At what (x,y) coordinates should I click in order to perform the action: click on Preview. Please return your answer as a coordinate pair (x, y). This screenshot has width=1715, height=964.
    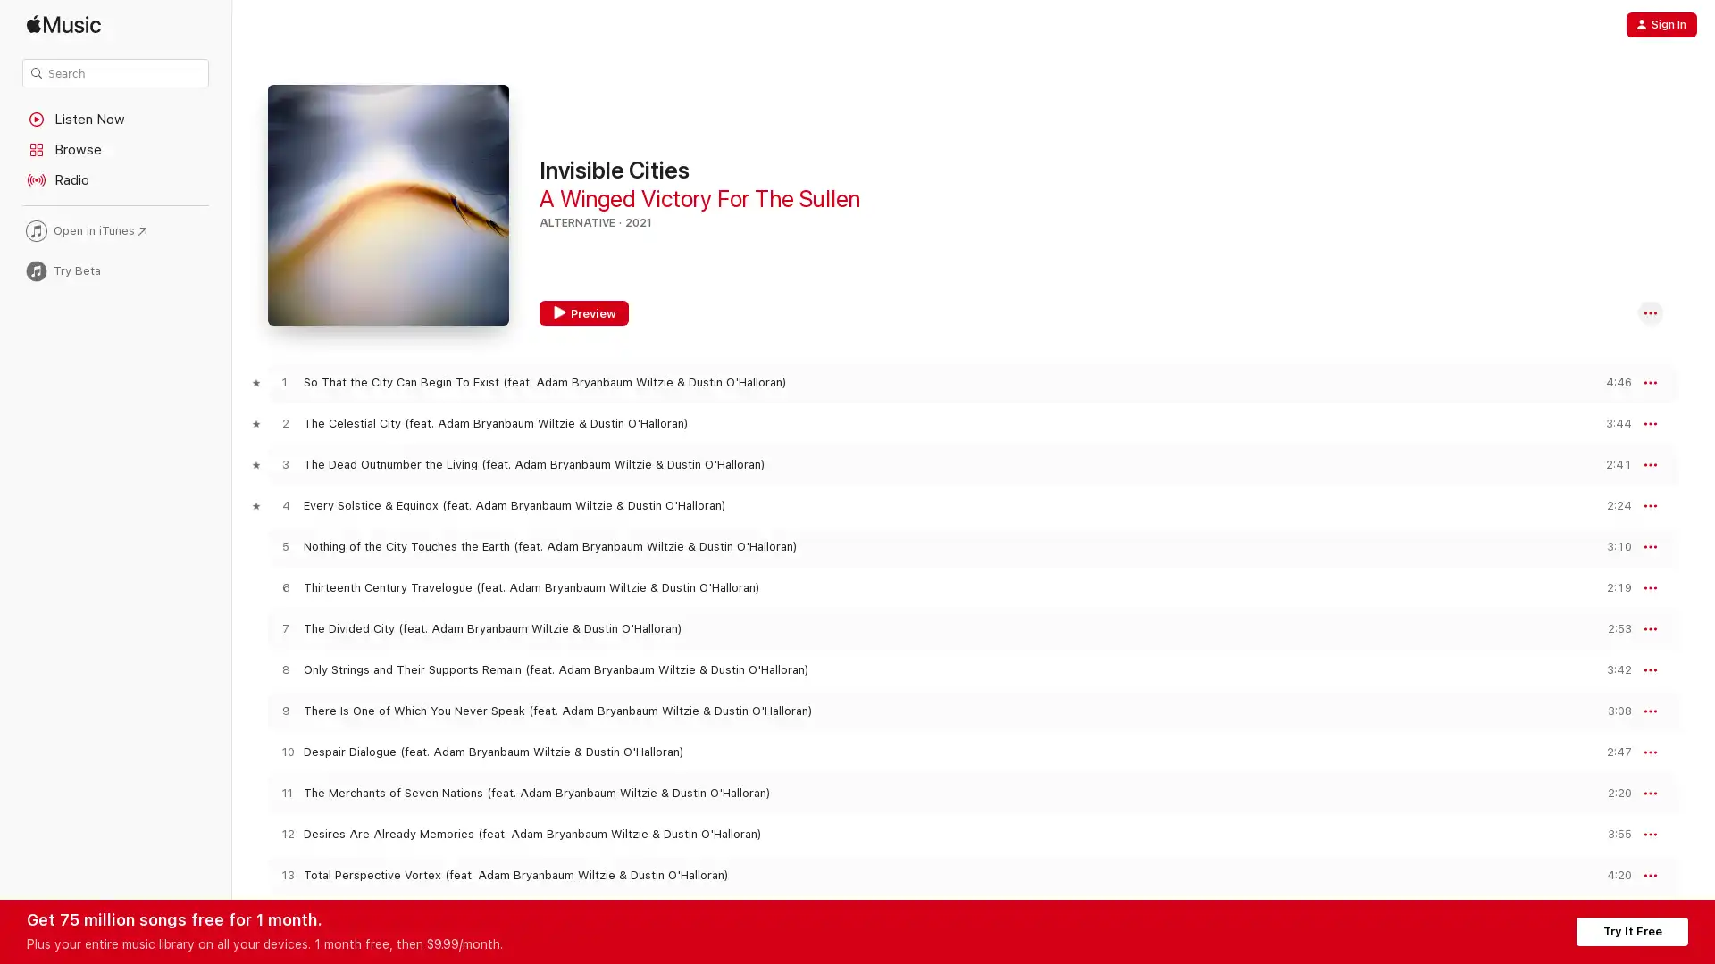
    Looking at the image, I should click on (1611, 423).